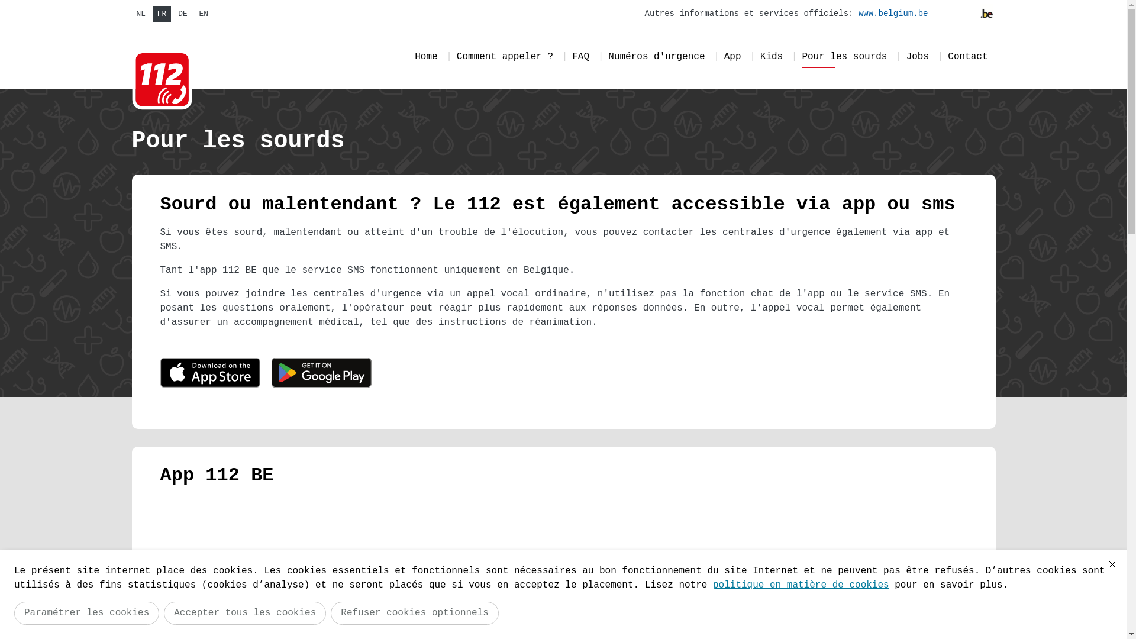  What do you see at coordinates (244, 612) in the screenshot?
I see `'Accepter tous les cookies'` at bounding box center [244, 612].